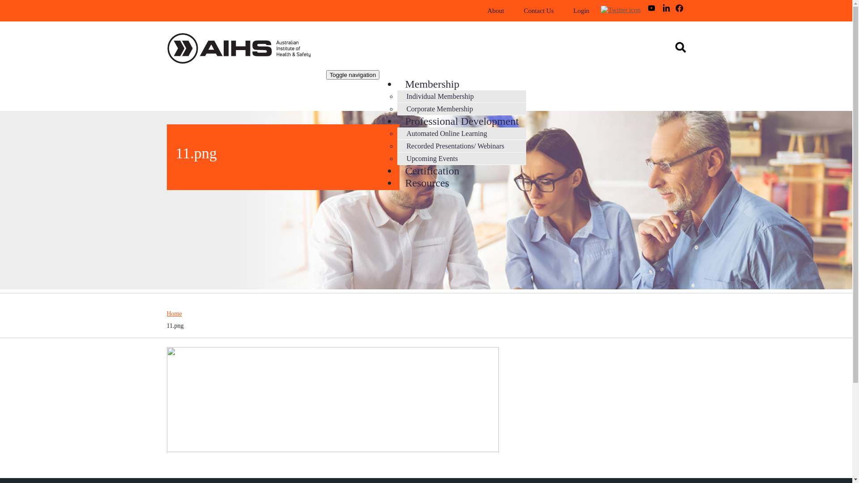  Describe the element at coordinates (447, 133) in the screenshot. I see `'Automated Online Learning'` at that location.